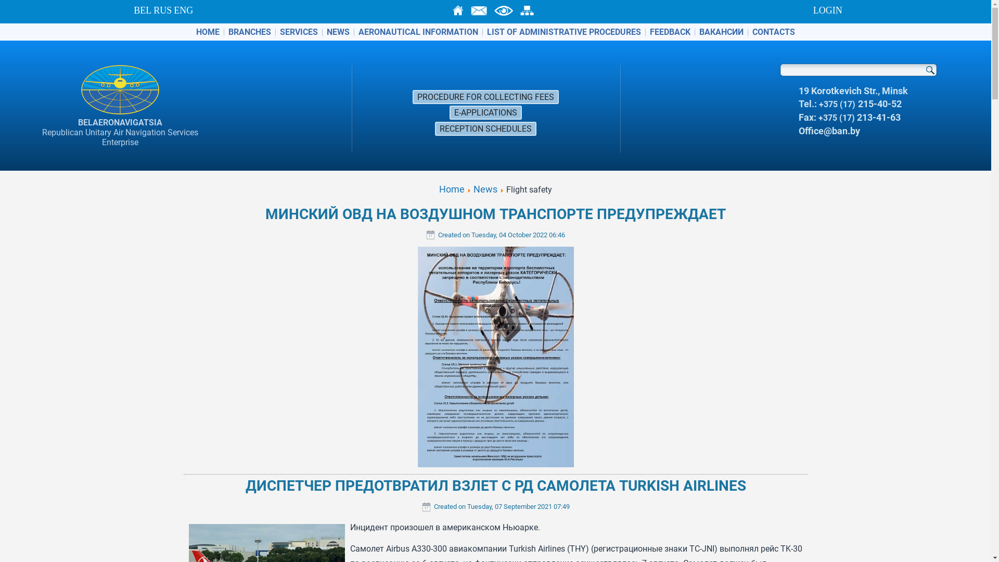  What do you see at coordinates (142, 10) in the screenshot?
I see `'BEL'` at bounding box center [142, 10].